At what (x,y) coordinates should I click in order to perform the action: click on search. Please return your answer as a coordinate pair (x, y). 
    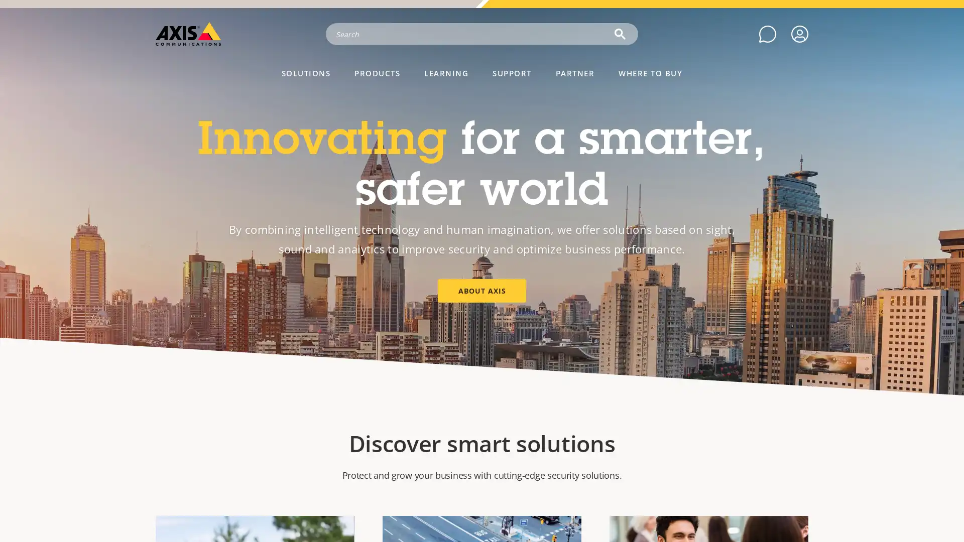
    Looking at the image, I should click on (619, 33).